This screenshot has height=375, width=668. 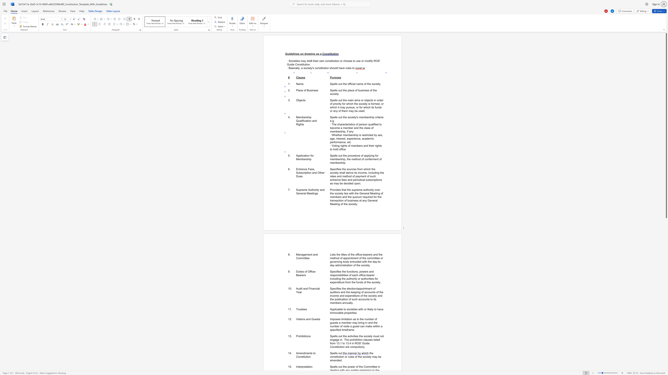 I want to click on the 1th character "u" in the text, so click(x=299, y=121).